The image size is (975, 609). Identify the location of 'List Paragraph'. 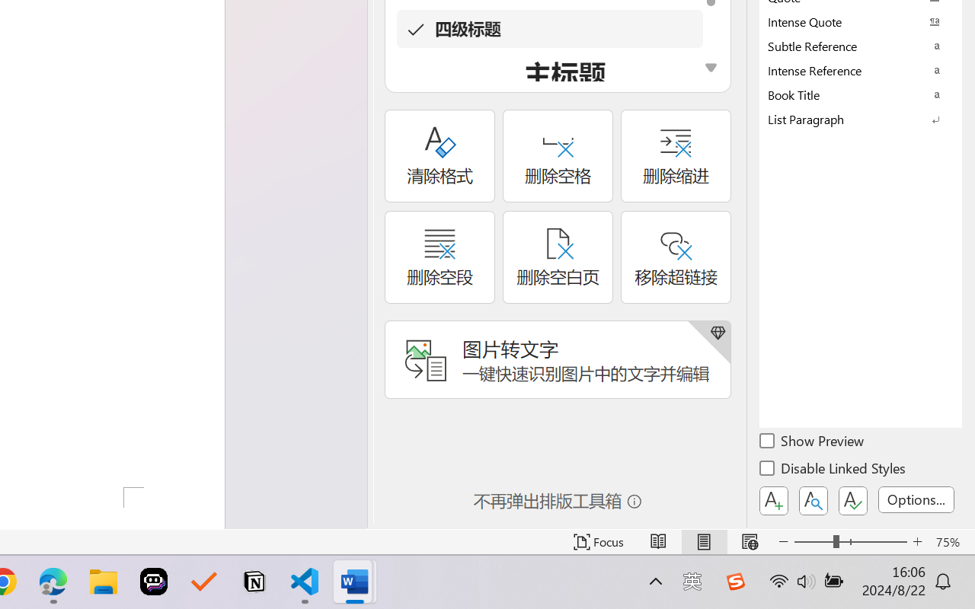
(861, 119).